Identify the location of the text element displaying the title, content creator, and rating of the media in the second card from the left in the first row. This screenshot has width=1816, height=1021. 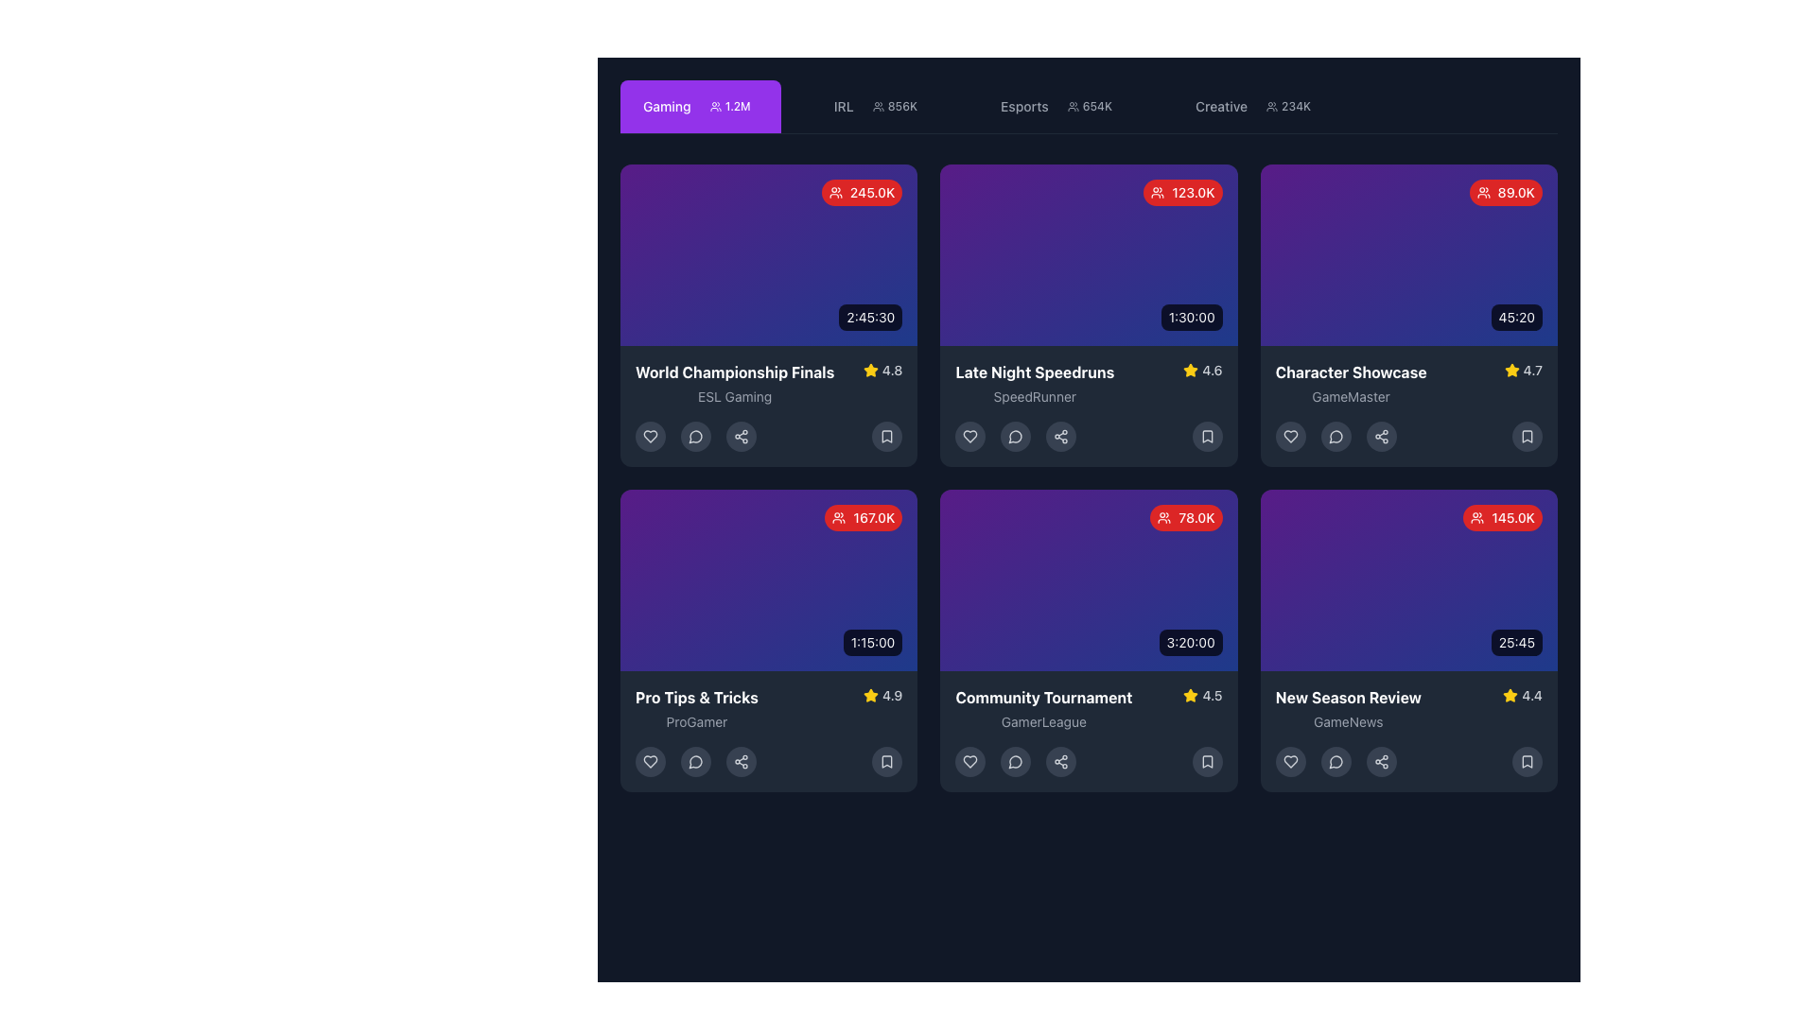
(769, 383).